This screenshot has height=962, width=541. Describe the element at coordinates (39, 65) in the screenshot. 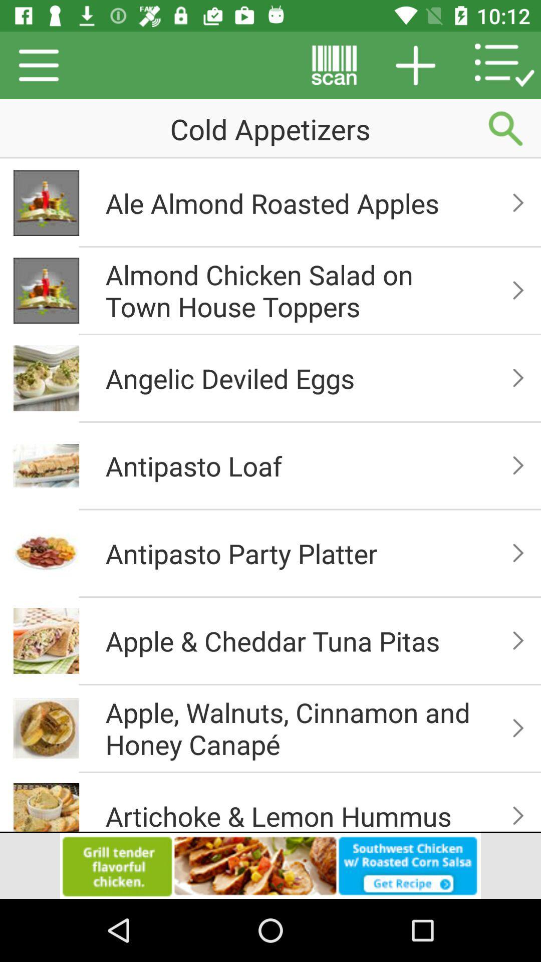

I see `the menu icon` at that location.